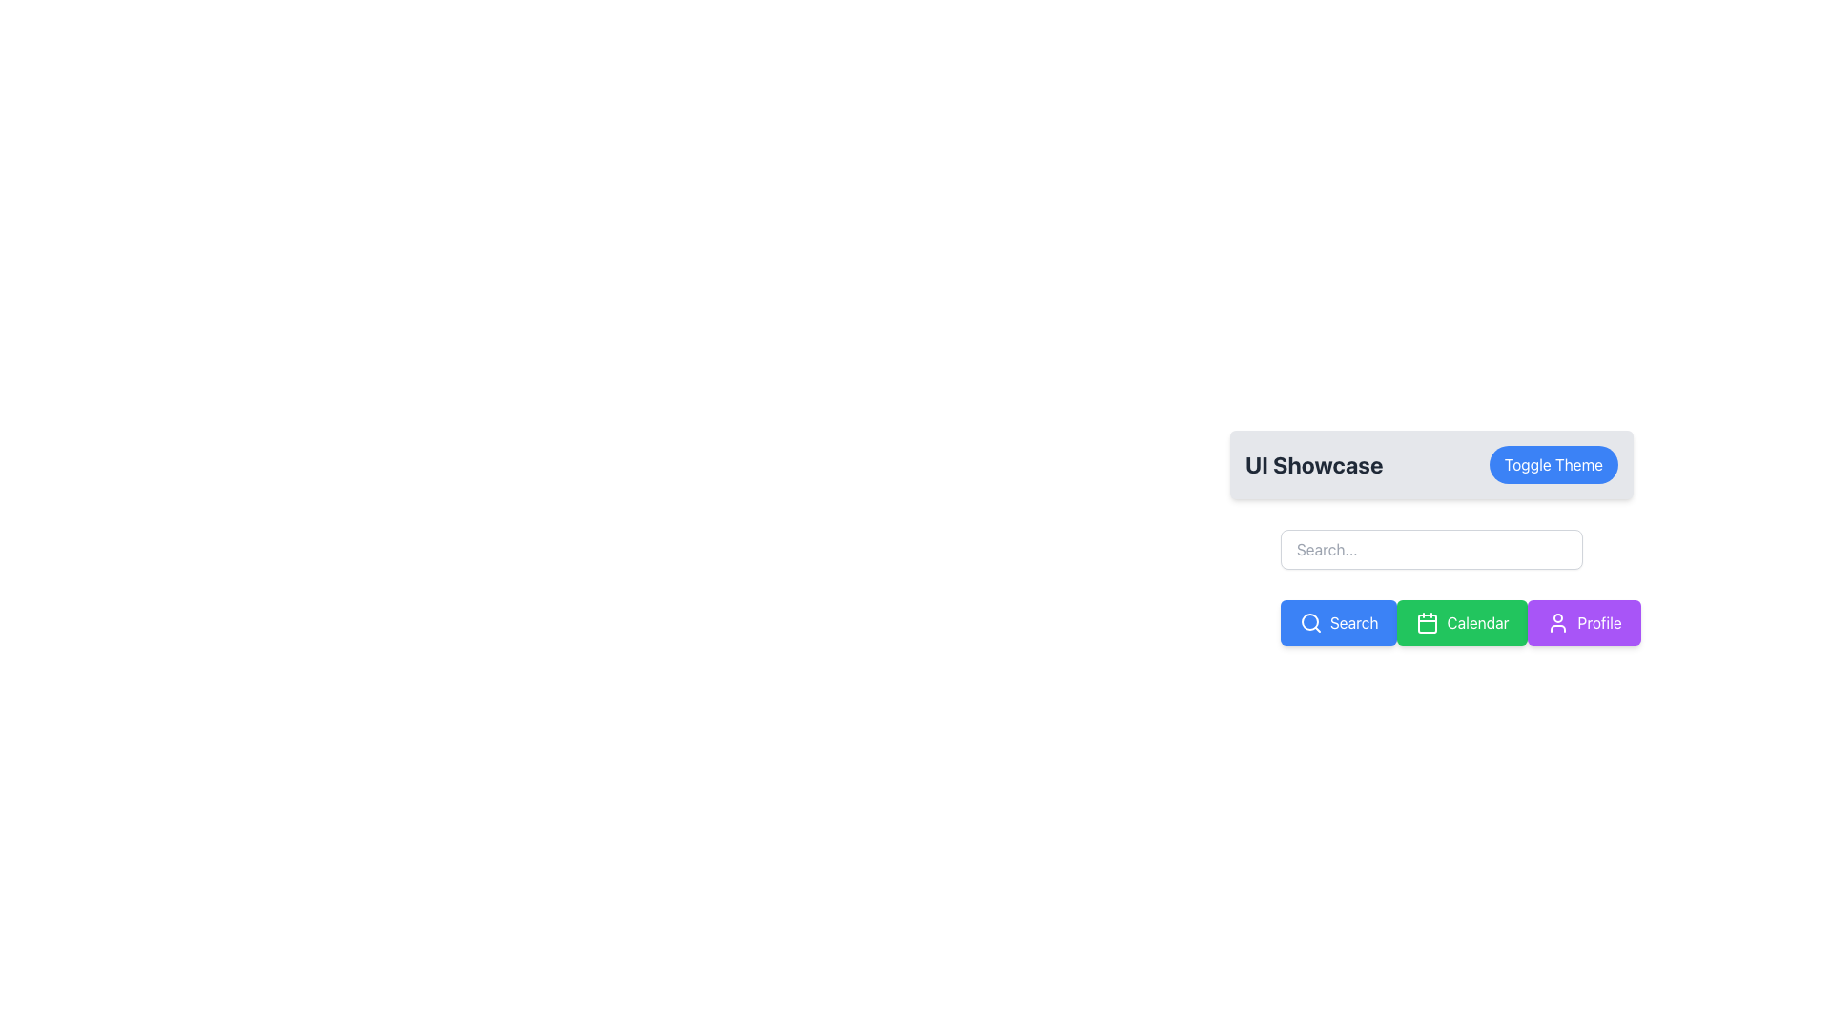  I want to click on the calendar icon, which is part of the second button in a row of three buttons at the bottom of the interface, to interact with it, so click(1428, 623).